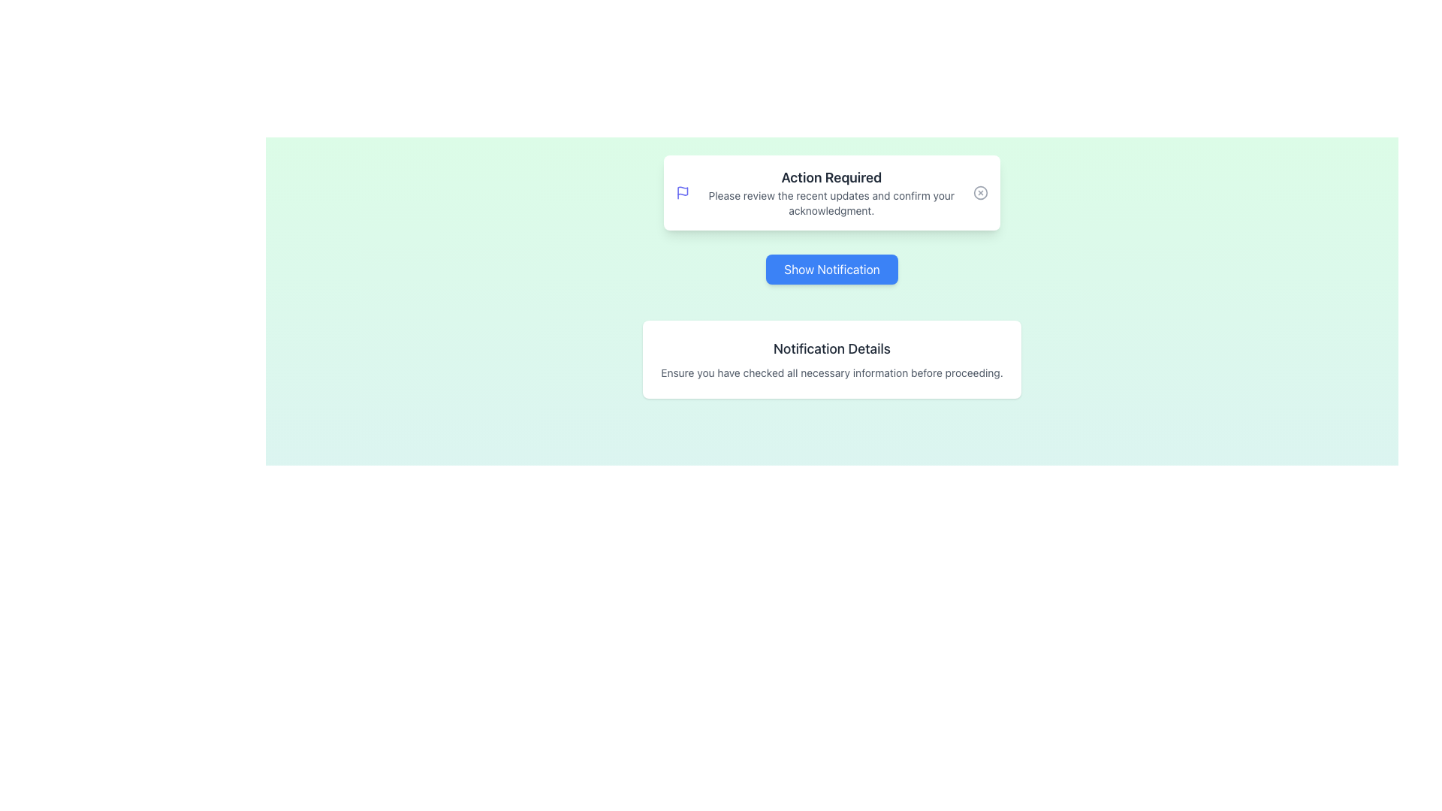 Image resolution: width=1442 pixels, height=811 pixels. Describe the element at coordinates (831, 203) in the screenshot. I see `informational text label that states, 'Please review the recent updates and confirm your acknowledgment.'` at that location.